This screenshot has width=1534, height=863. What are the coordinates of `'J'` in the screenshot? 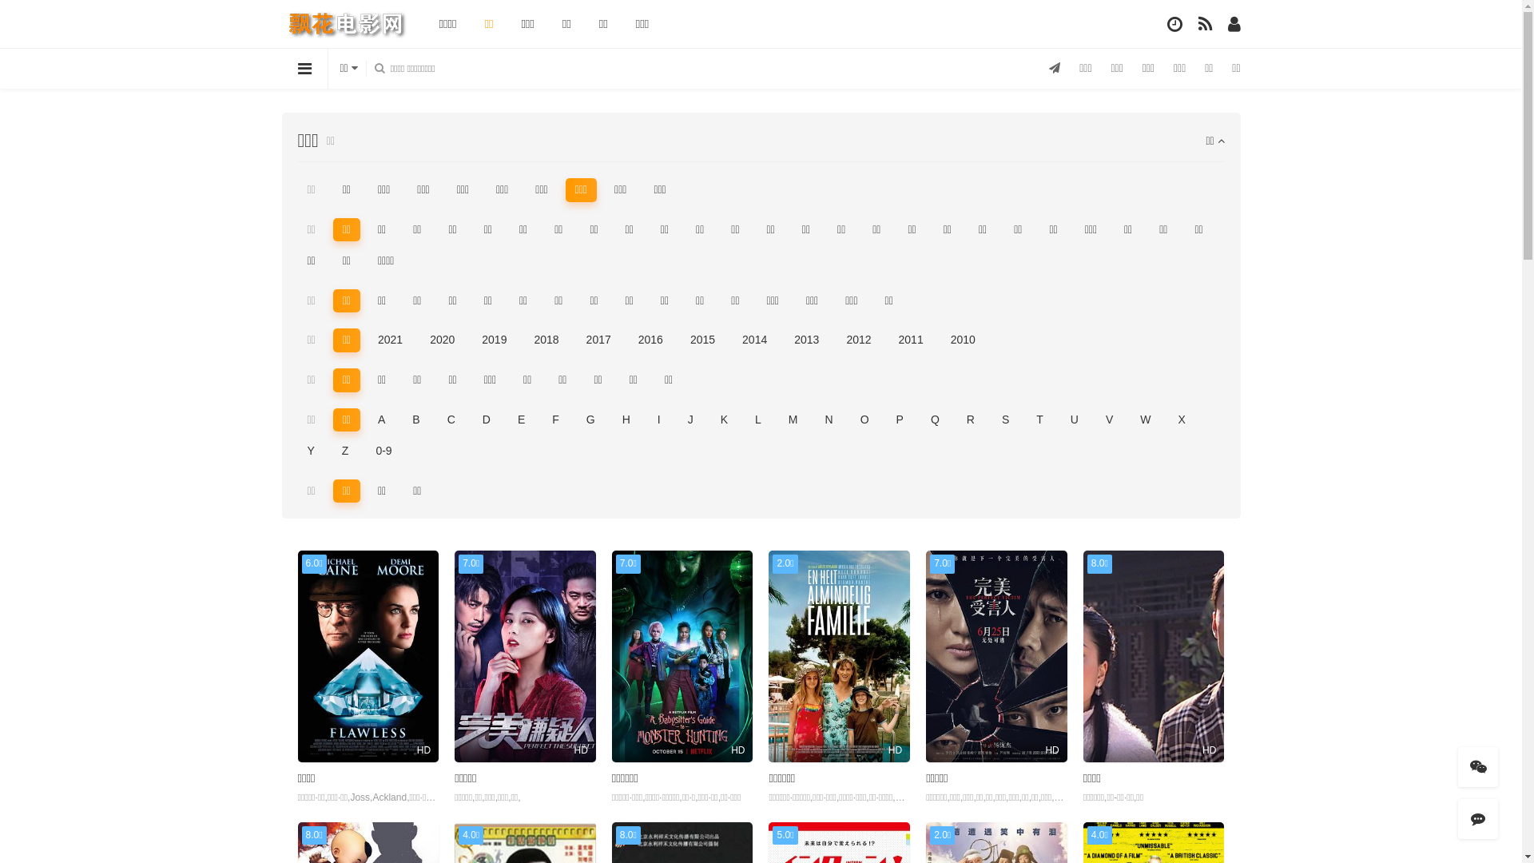 It's located at (690, 419).